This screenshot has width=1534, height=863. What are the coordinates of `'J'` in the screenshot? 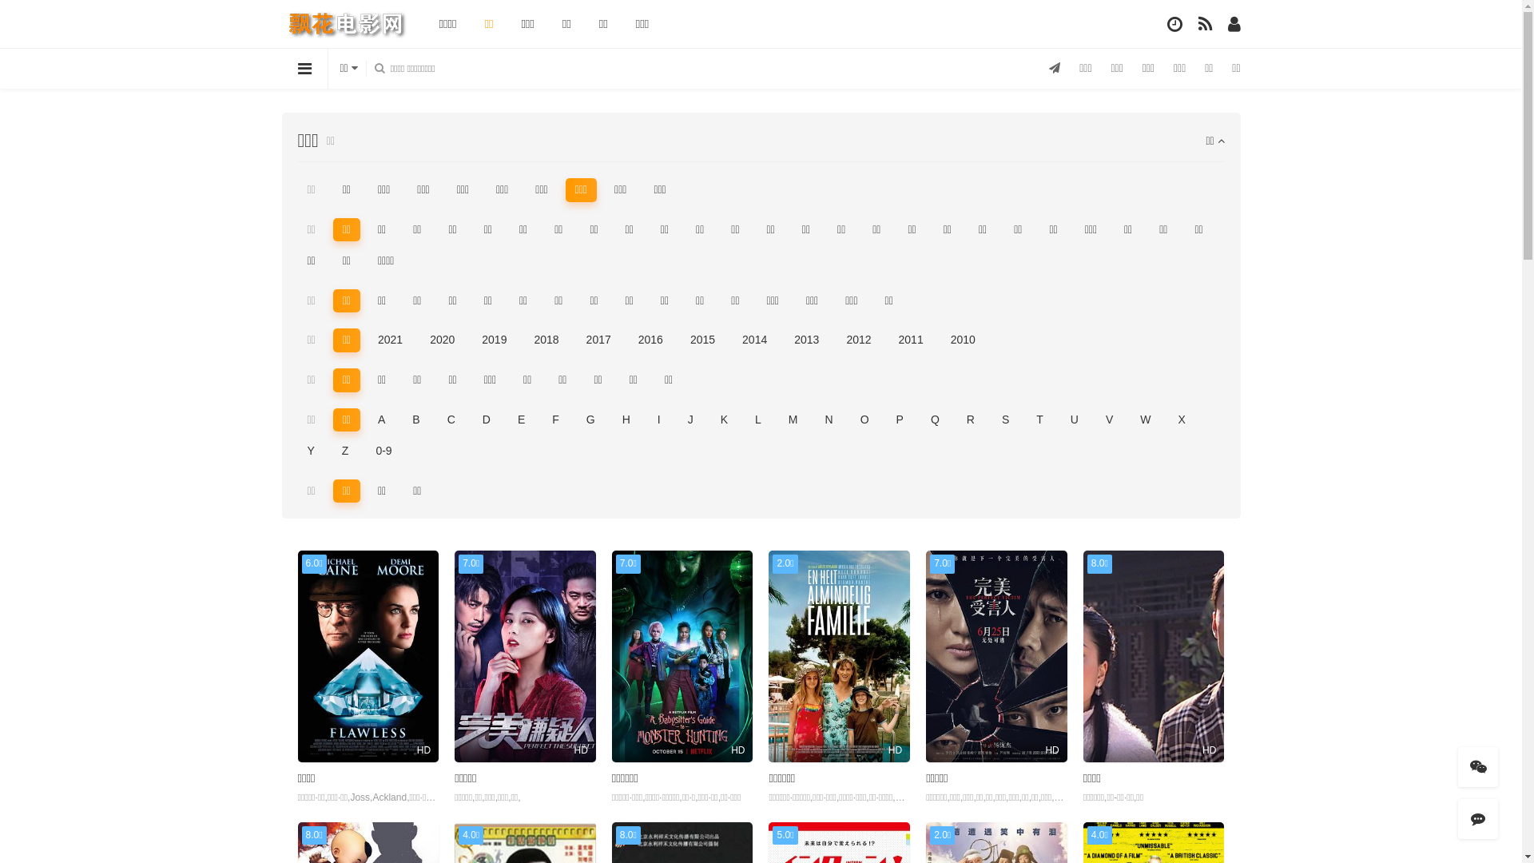 It's located at (690, 419).